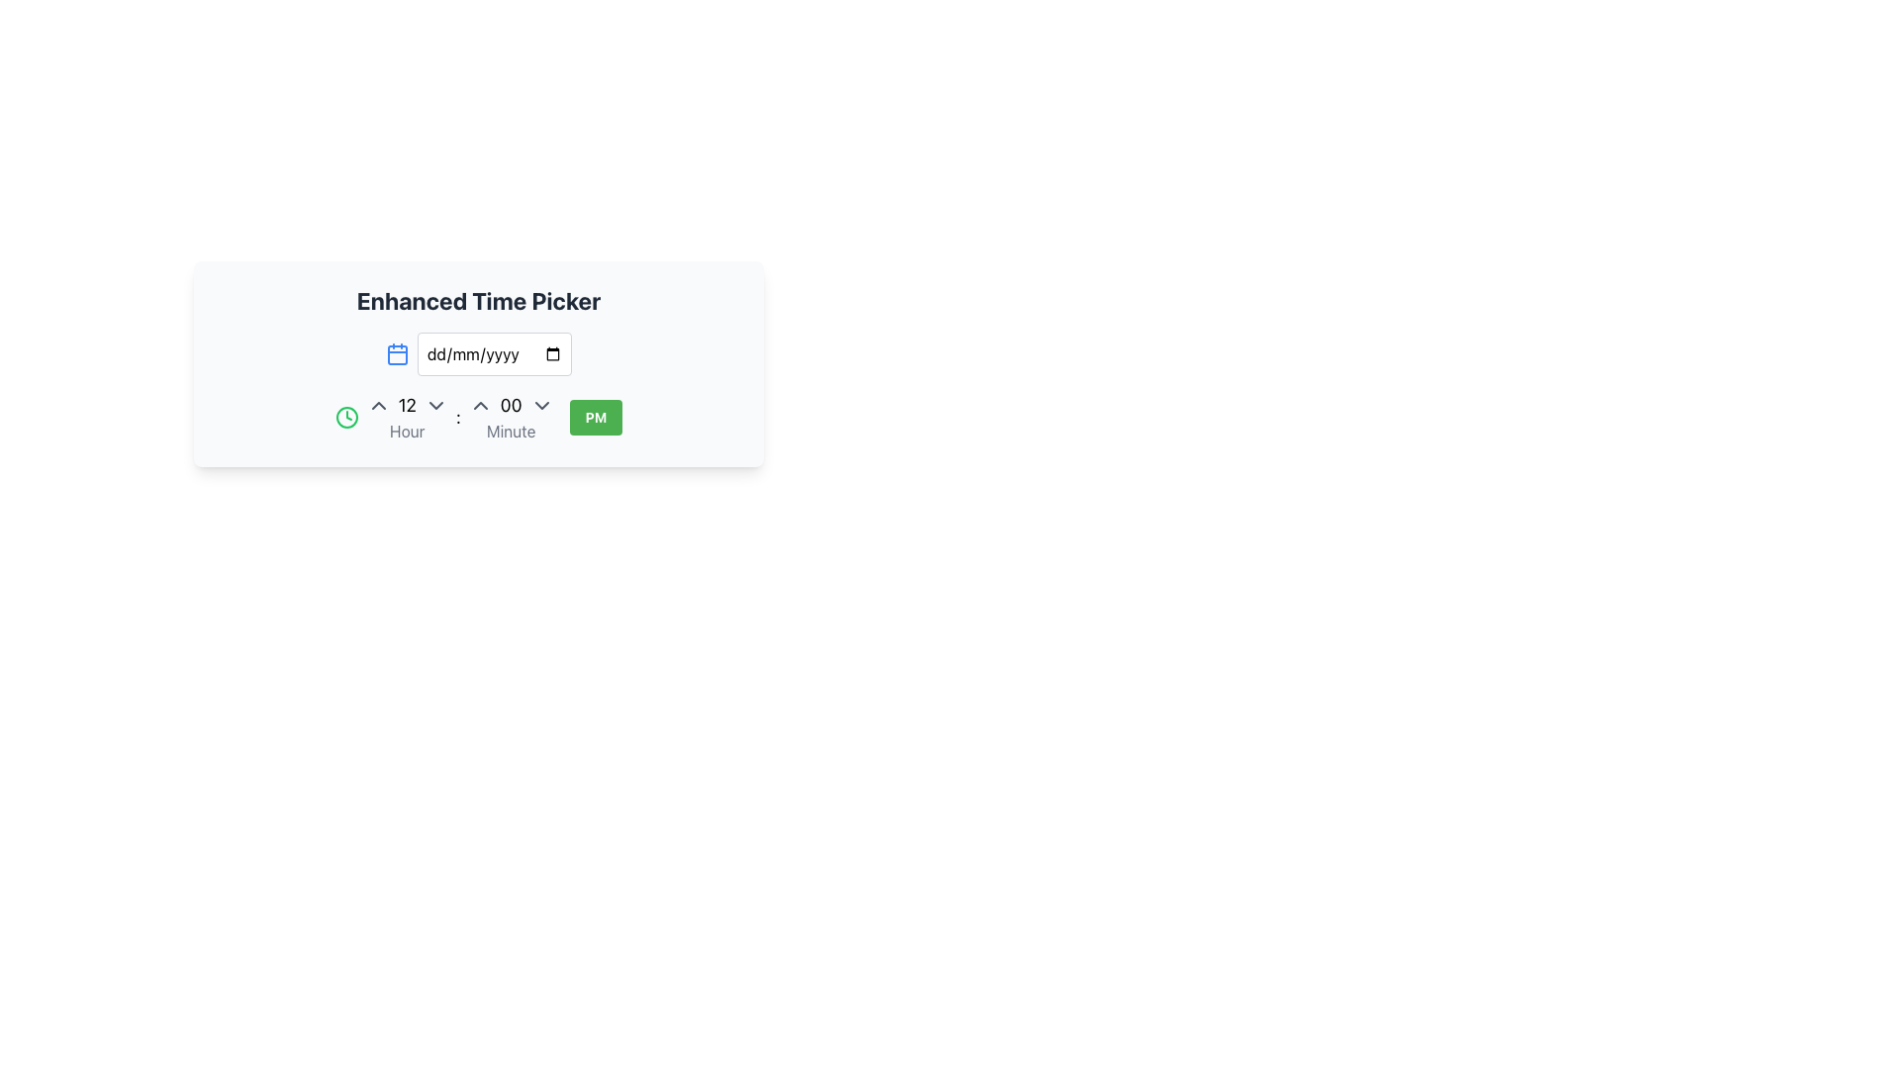 This screenshot has height=1069, width=1900. What do you see at coordinates (595, 416) in the screenshot?
I see `the AM/PM toggle button located at the extreme right of the Time Picker section` at bounding box center [595, 416].